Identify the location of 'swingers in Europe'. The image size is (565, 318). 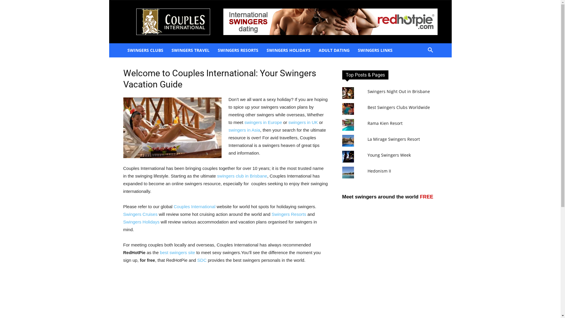
(244, 122).